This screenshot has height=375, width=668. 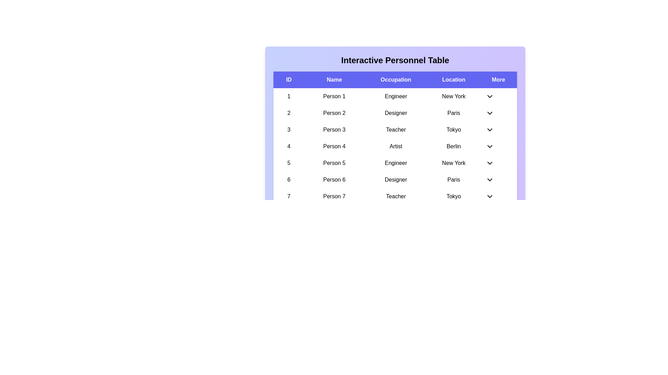 What do you see at coordinates (289, 80) in the screenshot?
I see `the column header ID to sort the table by that column` at bounding box center [289, 80].